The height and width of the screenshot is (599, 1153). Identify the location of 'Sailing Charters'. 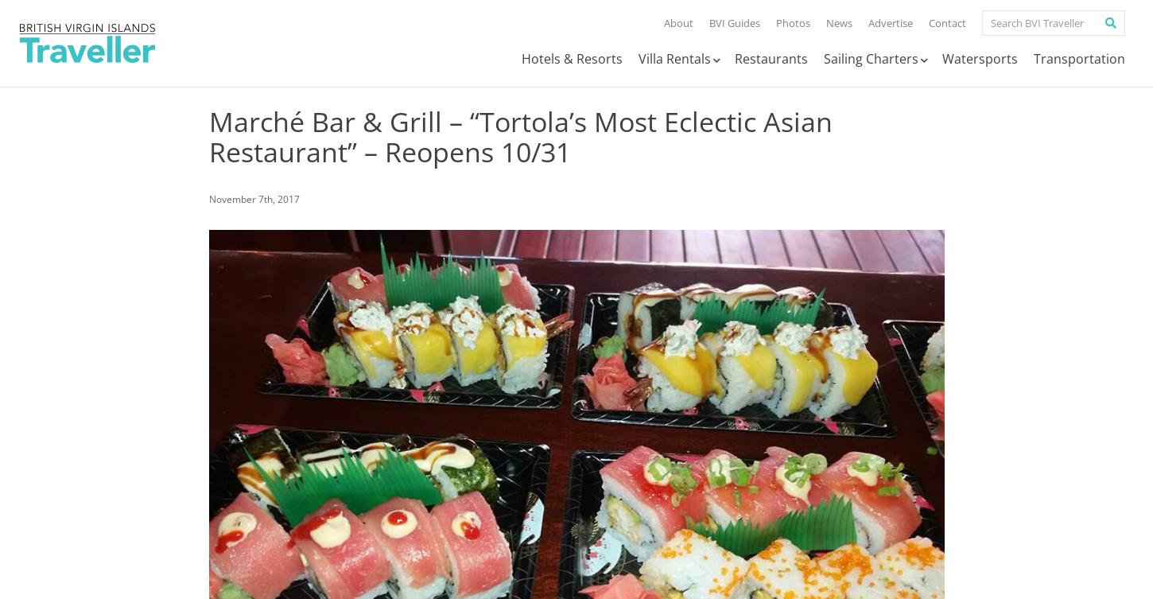
(870, 59).